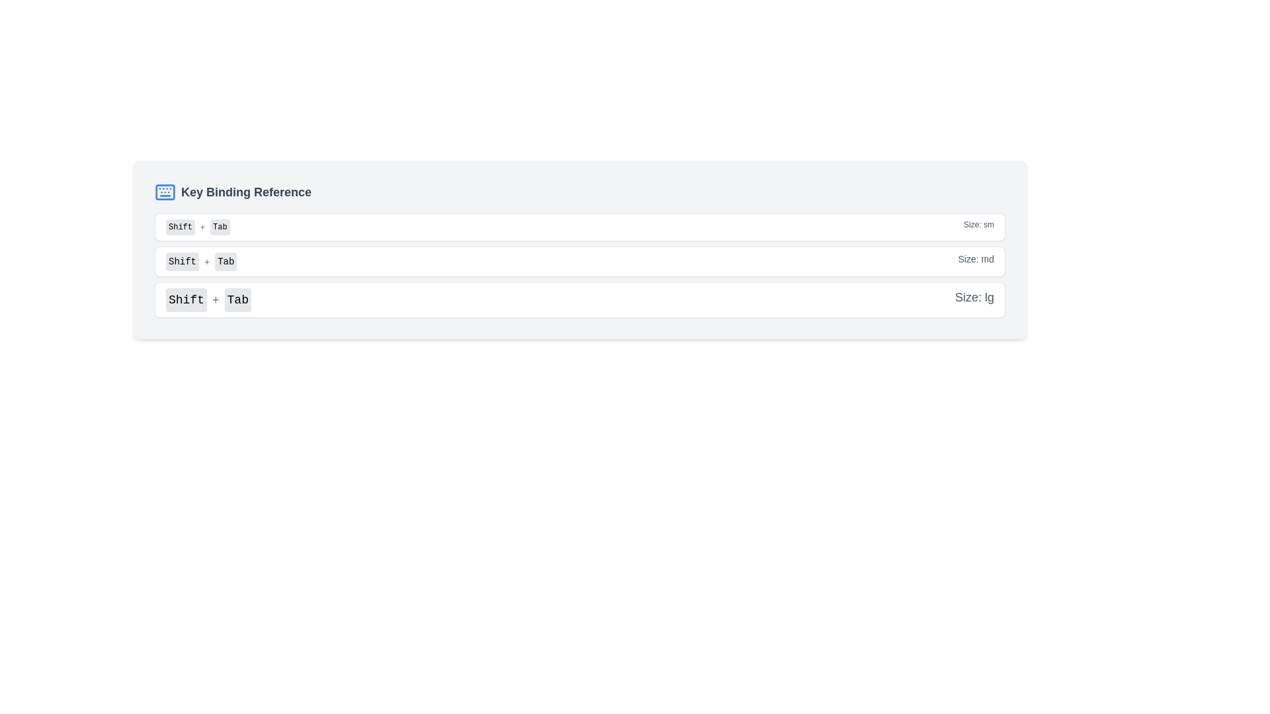 The width and height of the screenshot is (1270, 714). Describe the element at coordinates (202, 226) in the screenshot. I see `the Icon representing the combined keystroke action 'Shift+Tab' located in the second row of keybinding instructions under the 'Key Binding Reference' section, positioned between the 'Shift' and 'Tab' buttons` at that location.